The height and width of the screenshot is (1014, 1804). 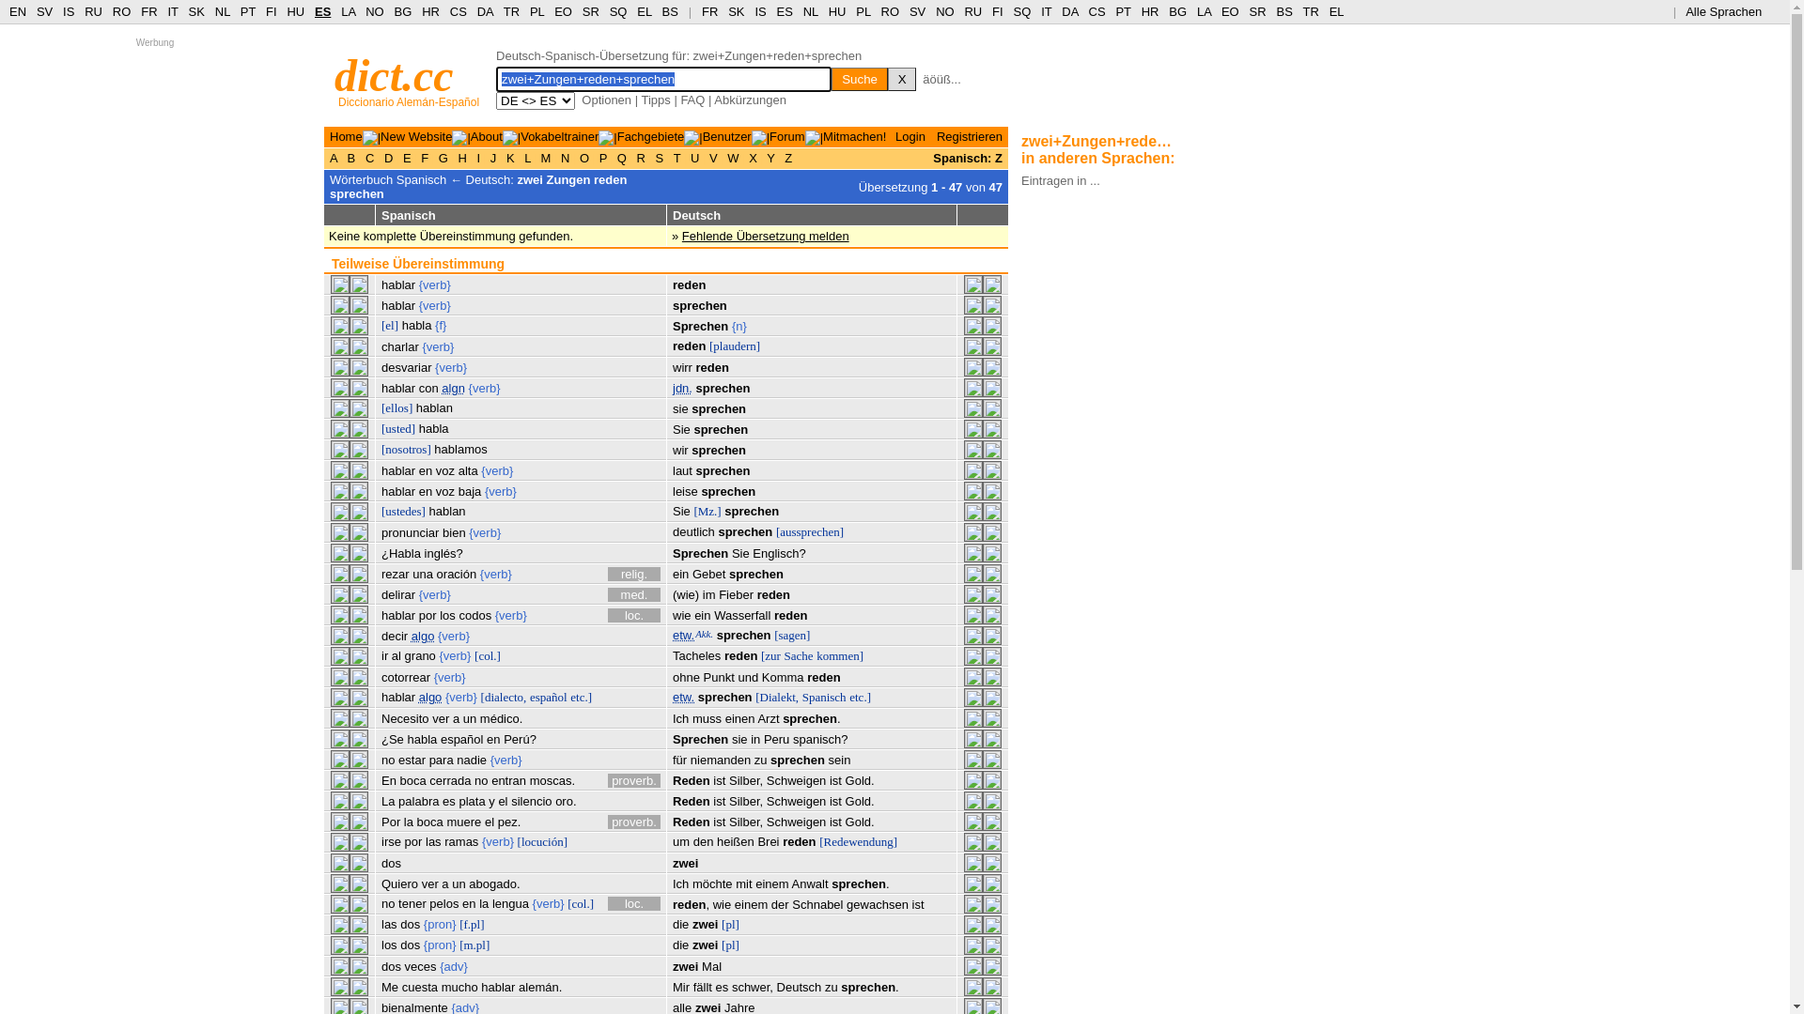 What do you see at coordinates (494, 883) in the screenshot?
I see `'abogado.'` at bounding box center [494, 883].